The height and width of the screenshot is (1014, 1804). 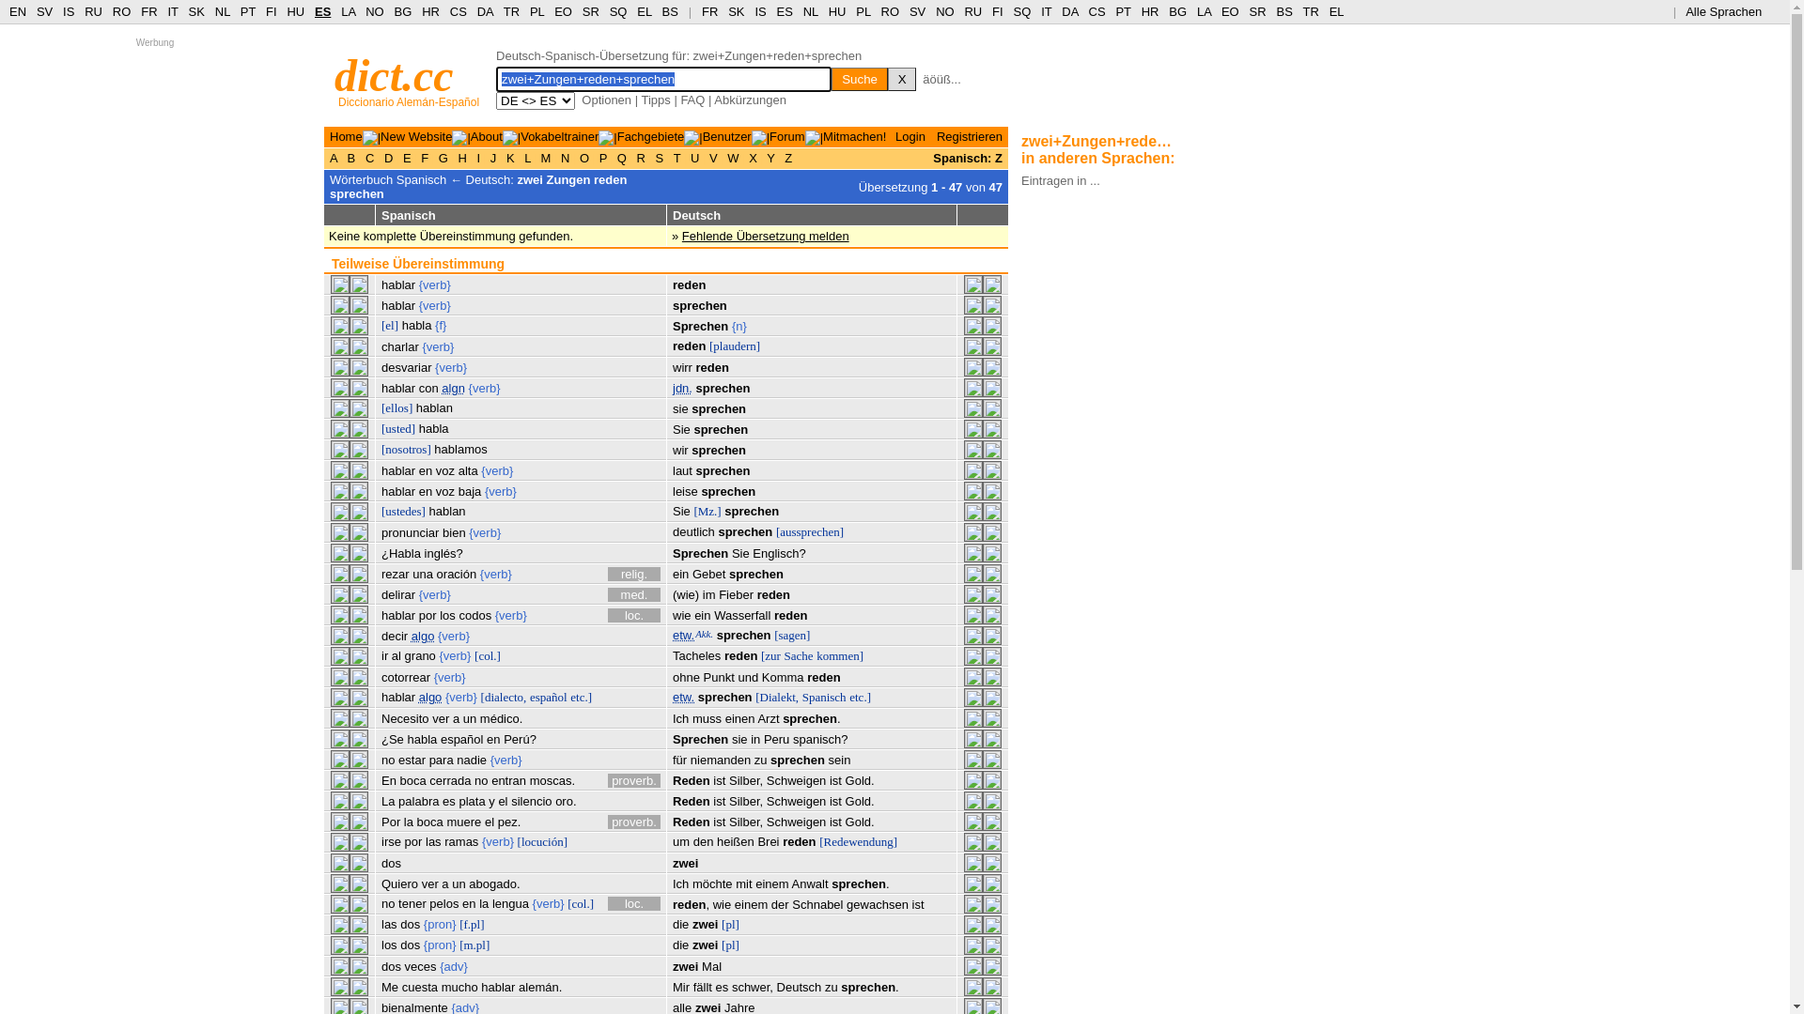 What do you see at coordinates (494, 883) in the screenshot?
I see `'abogado.'` at bounding box center [494, 883].